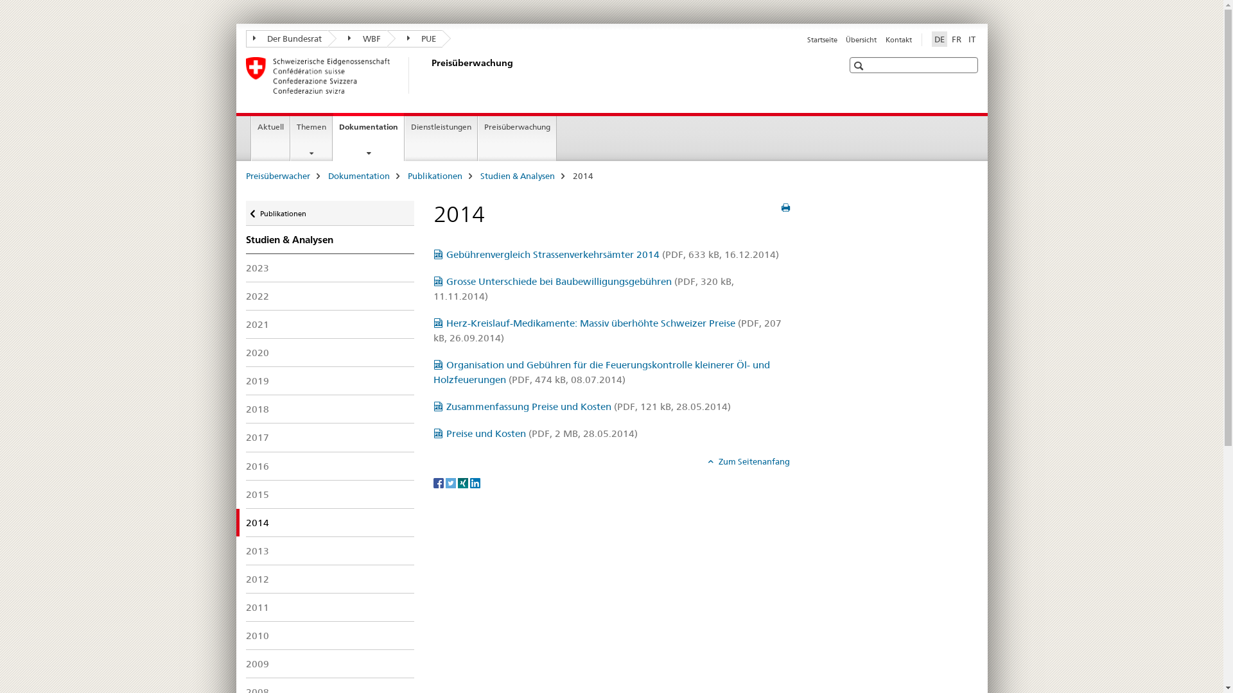  I want to click on '2015', so click(329, 493).